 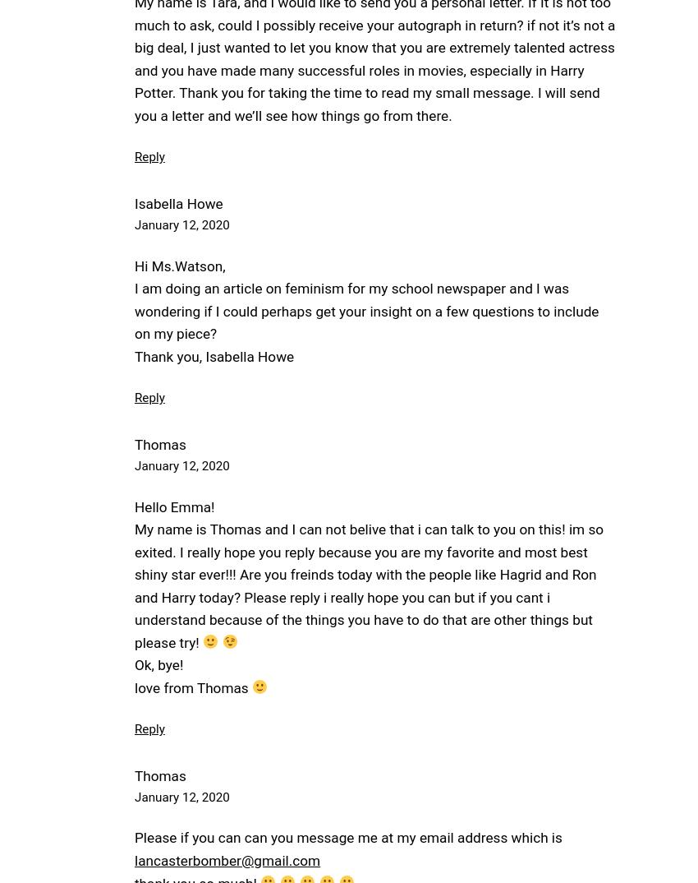 I want to click on 'Thank you, Isabella Howe', so click(x=214, y=355).